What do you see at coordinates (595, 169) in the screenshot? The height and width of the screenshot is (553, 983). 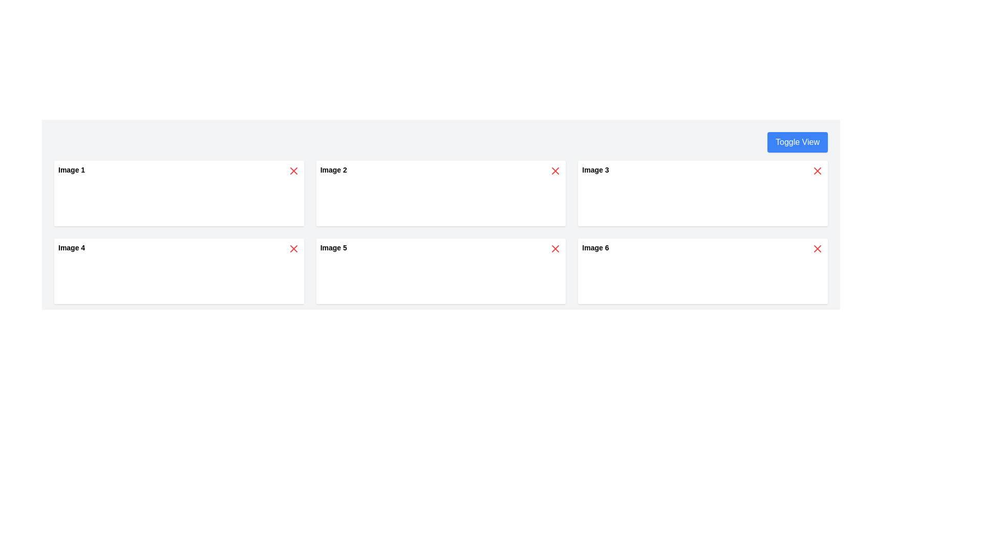 I see `the label displaying 'Image 3' located at the top-left corner of the white card with rounded corners` at bounding box center [595, 169].